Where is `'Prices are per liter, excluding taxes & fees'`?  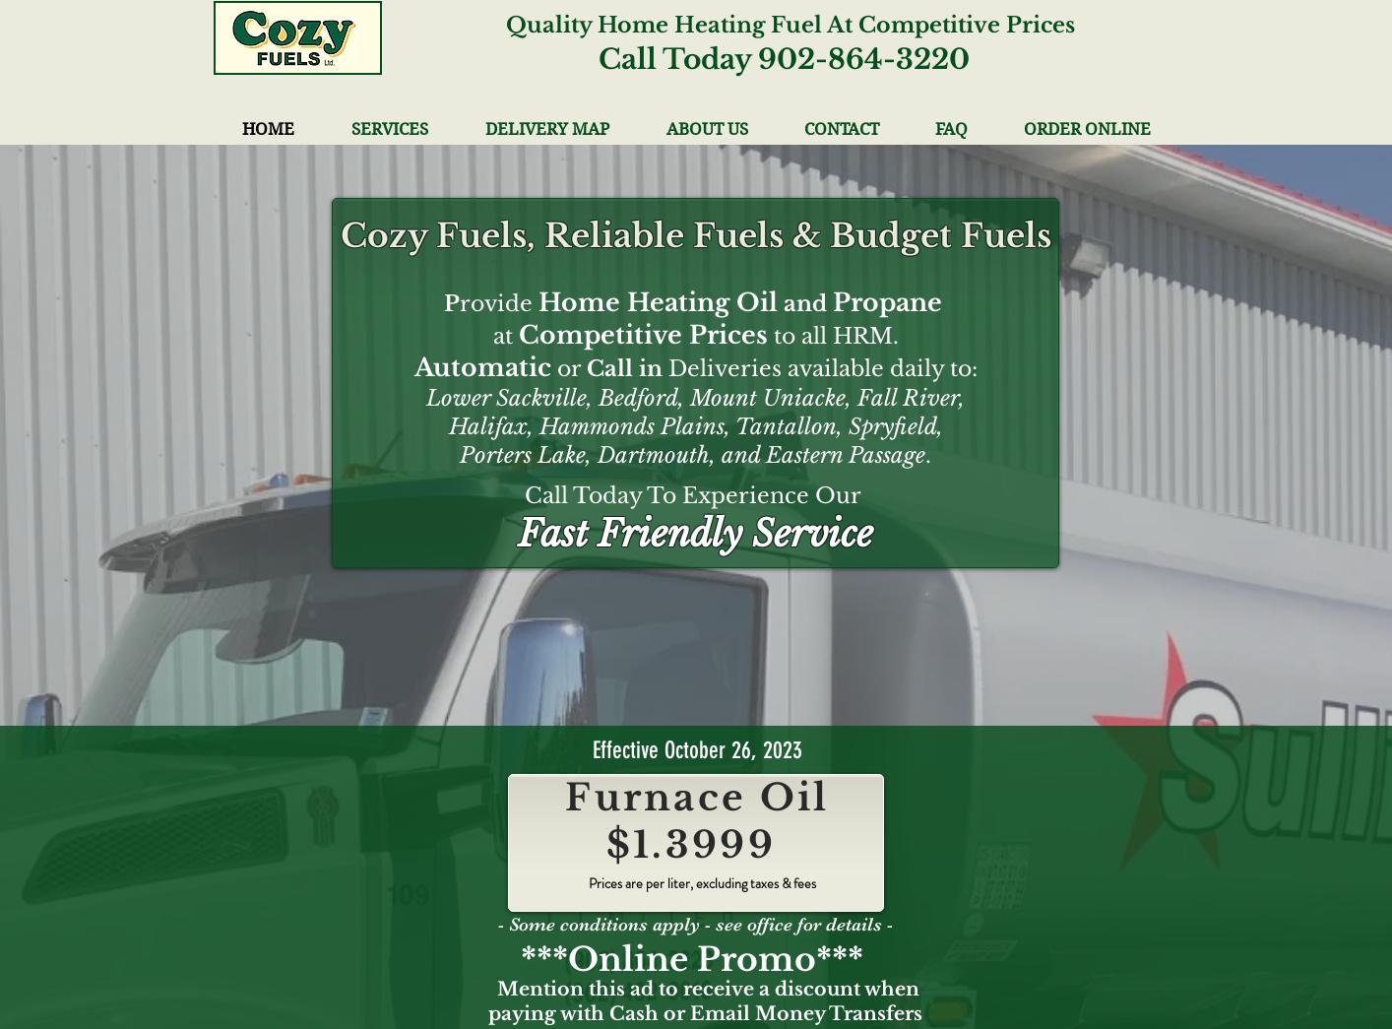
'Prices are per liter, excluding taxes & fees' is located at coordinates (700, 881).